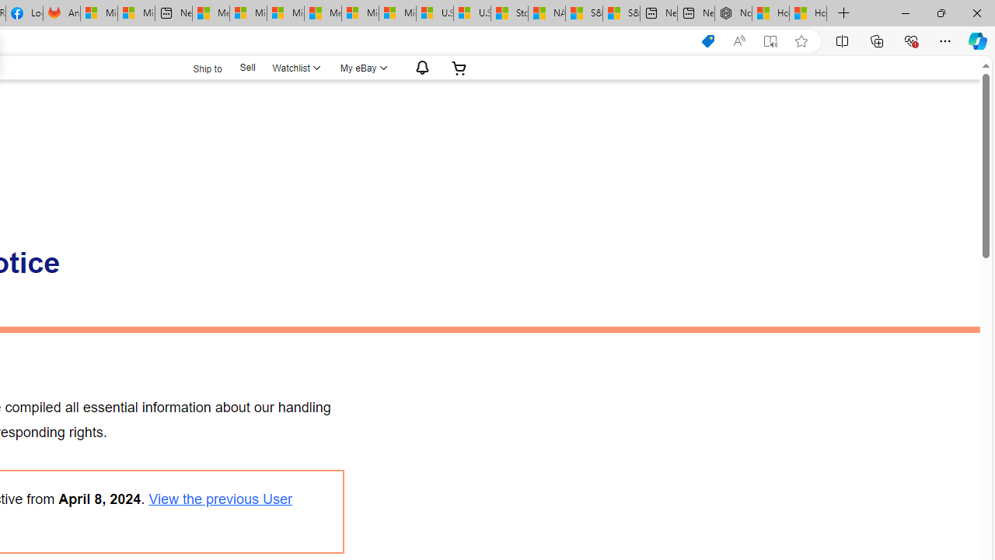 The image size is (995, 560). What do you see at coordinates (285, 13) in the screenshot?
I see `'Microsoft account | Home'` at bounding box center [285, 13].